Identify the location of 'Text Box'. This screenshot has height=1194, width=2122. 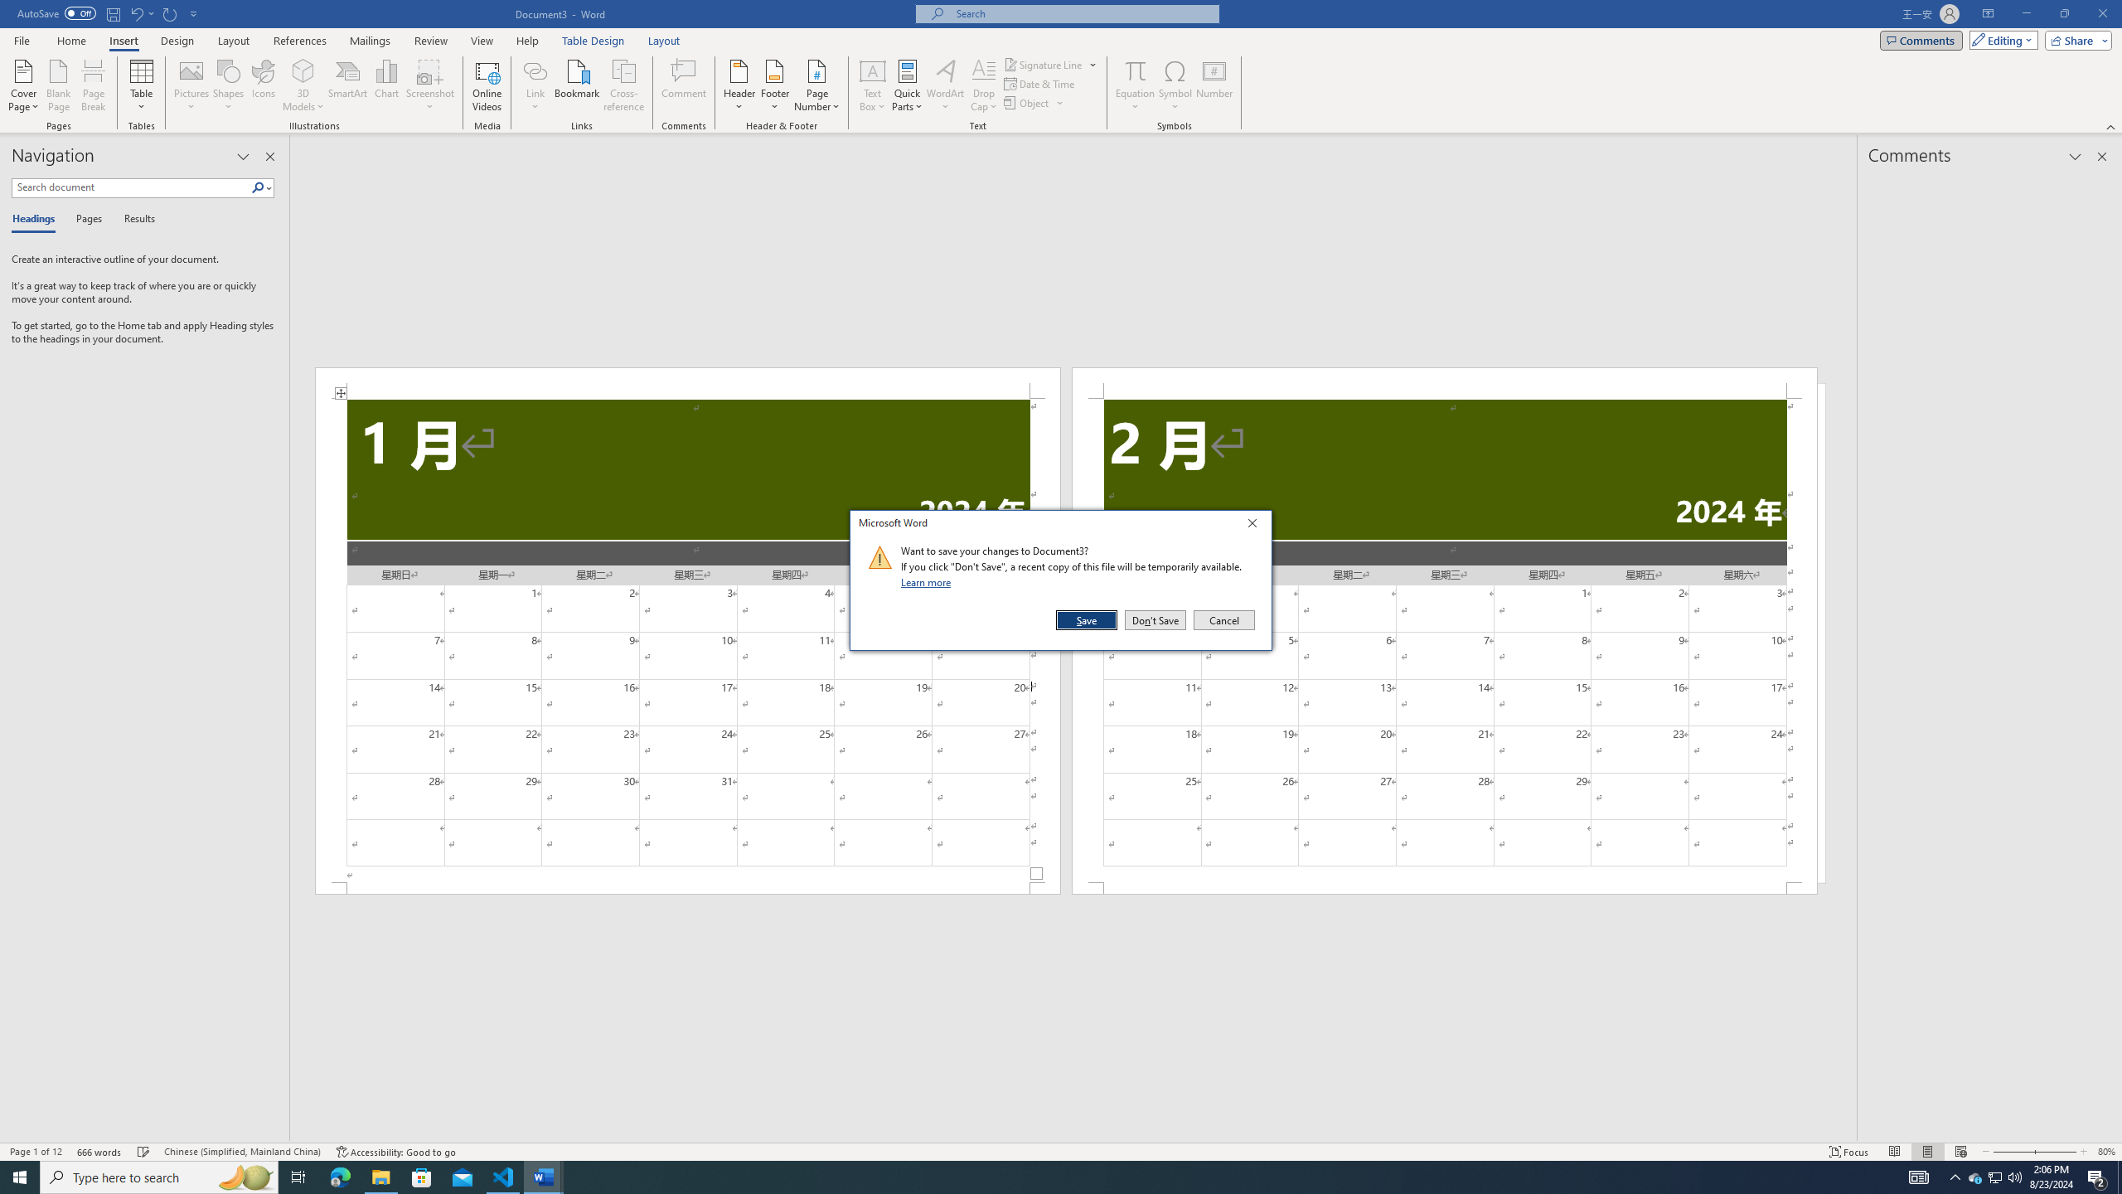
(872, 85).